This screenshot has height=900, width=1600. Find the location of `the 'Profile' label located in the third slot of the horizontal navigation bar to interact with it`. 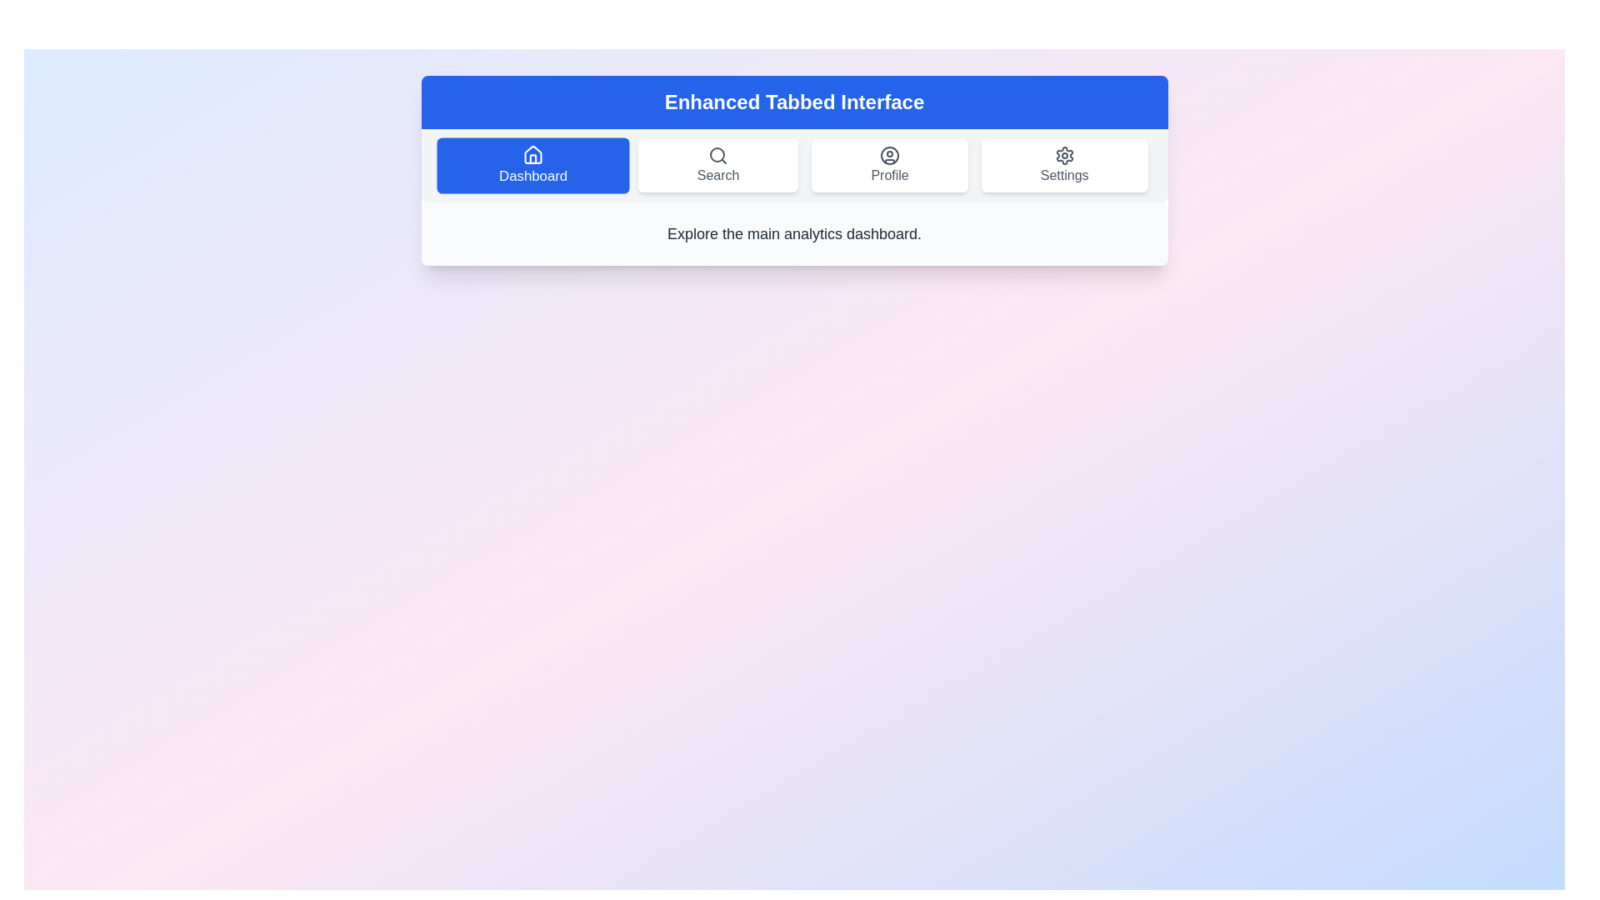

the 'Profile' label located in the third slot of the horizontal navigation bar to interact with it is located at coordinates (889, 176).